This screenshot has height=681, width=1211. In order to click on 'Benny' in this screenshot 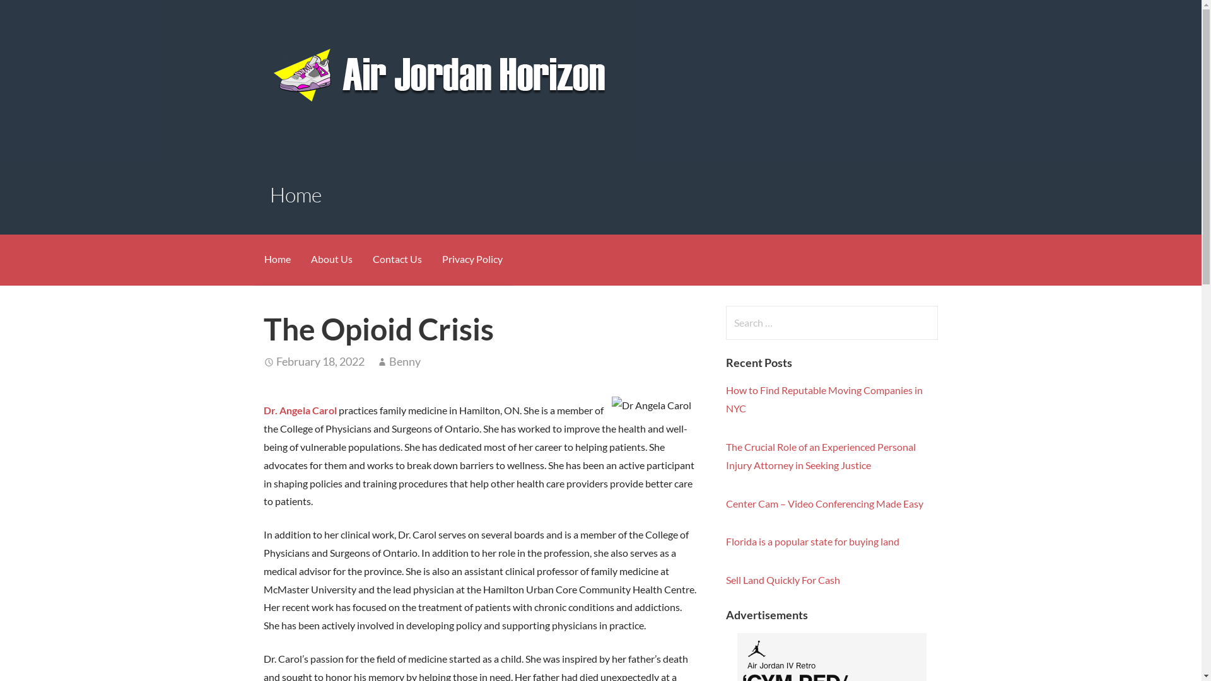, I will do `click(405, 361)`.